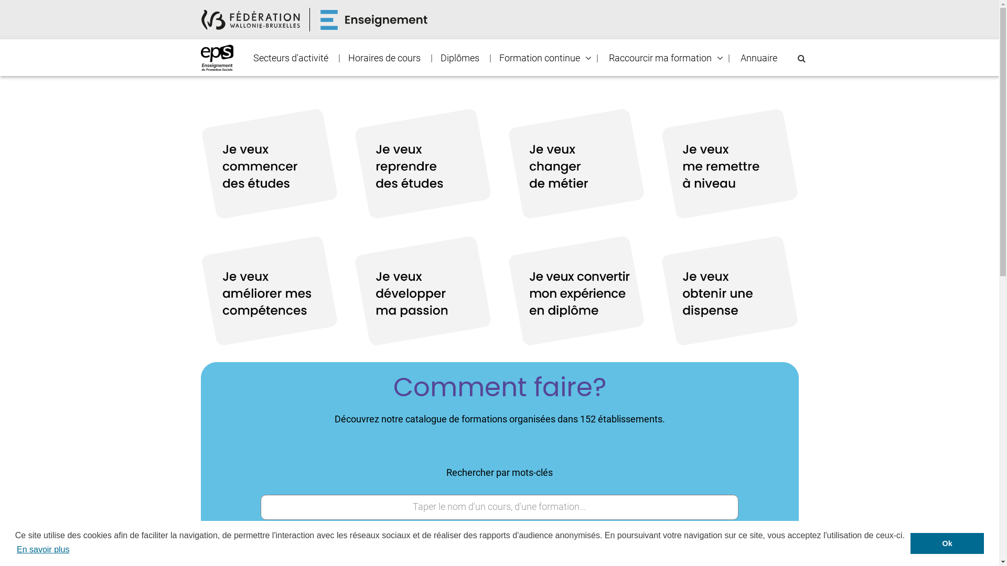 The width and height of the screenshot is (1007, 566). I want to click on 'Horaires de cours', so click(383, 58).